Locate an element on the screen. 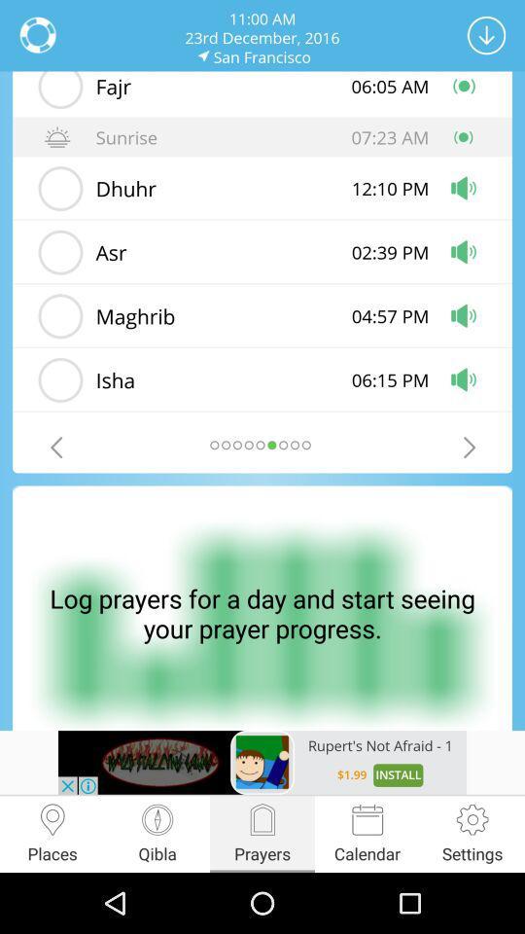  the volume icon is located at coordinates (463, 189).